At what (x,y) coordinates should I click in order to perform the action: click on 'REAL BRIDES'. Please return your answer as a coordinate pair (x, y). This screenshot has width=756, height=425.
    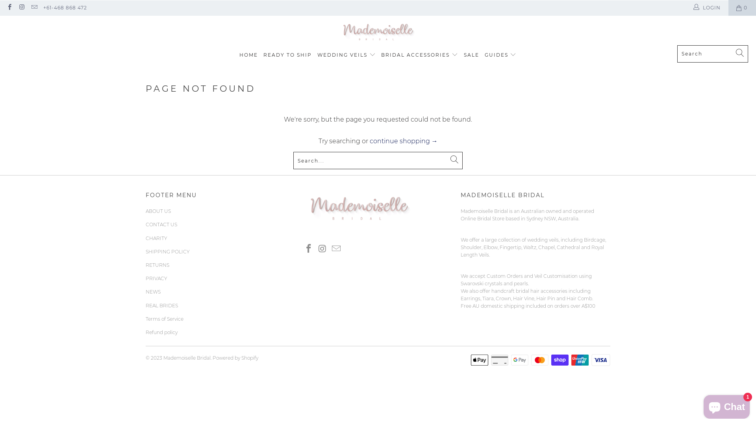
    Looking at the image, I should click on (161, 305).